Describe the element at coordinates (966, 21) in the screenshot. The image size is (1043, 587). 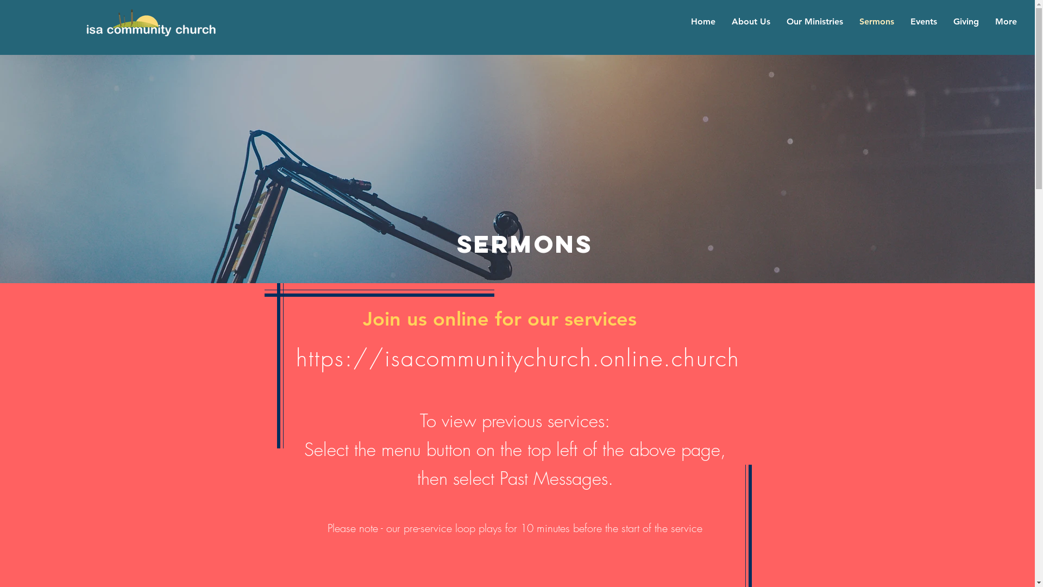
I see `'Giving'` at that location.